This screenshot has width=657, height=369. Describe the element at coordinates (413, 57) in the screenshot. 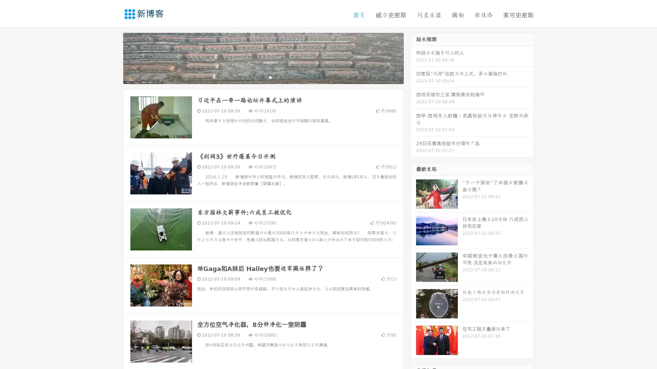

I see `Next slide` at that location.